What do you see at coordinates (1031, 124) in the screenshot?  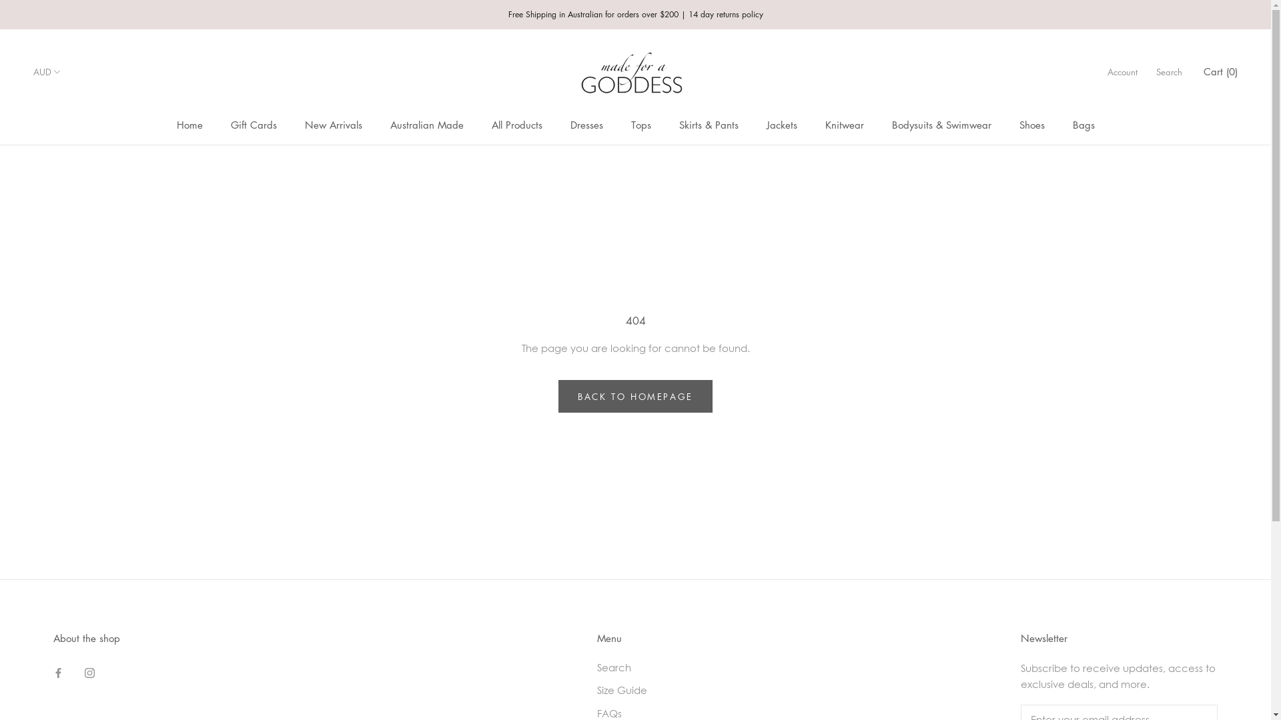 I see `'Shoes` at bounding box center [1031, 124].